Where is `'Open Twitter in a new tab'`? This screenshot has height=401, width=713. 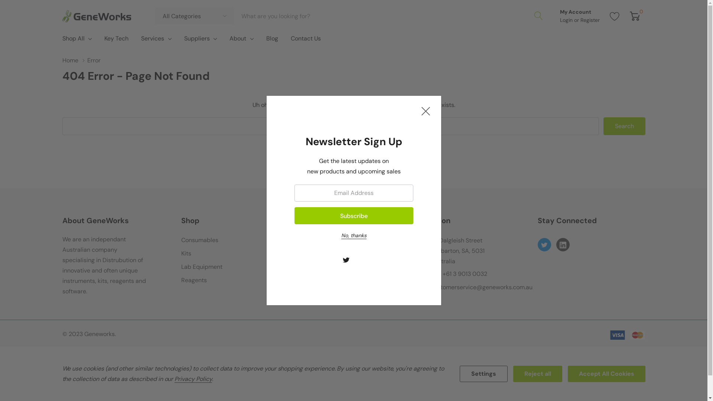 'Open Twitter in a new tab' is located at coordinates (346, 260).